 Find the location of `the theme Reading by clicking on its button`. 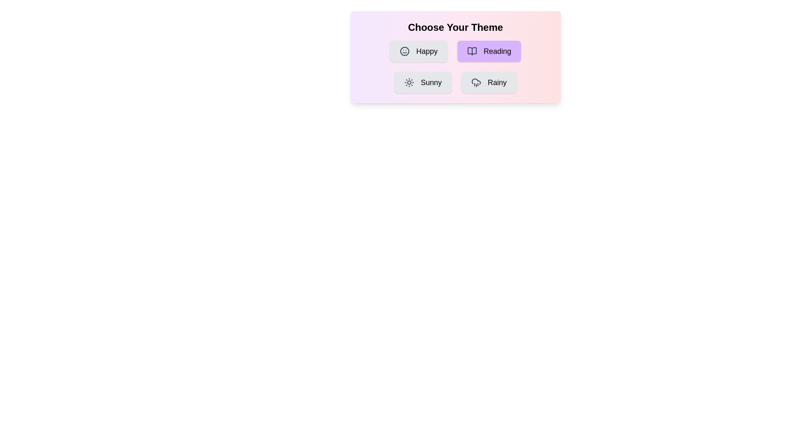

the theme Reading by clicking on its button is located at coordinates (489, 51).